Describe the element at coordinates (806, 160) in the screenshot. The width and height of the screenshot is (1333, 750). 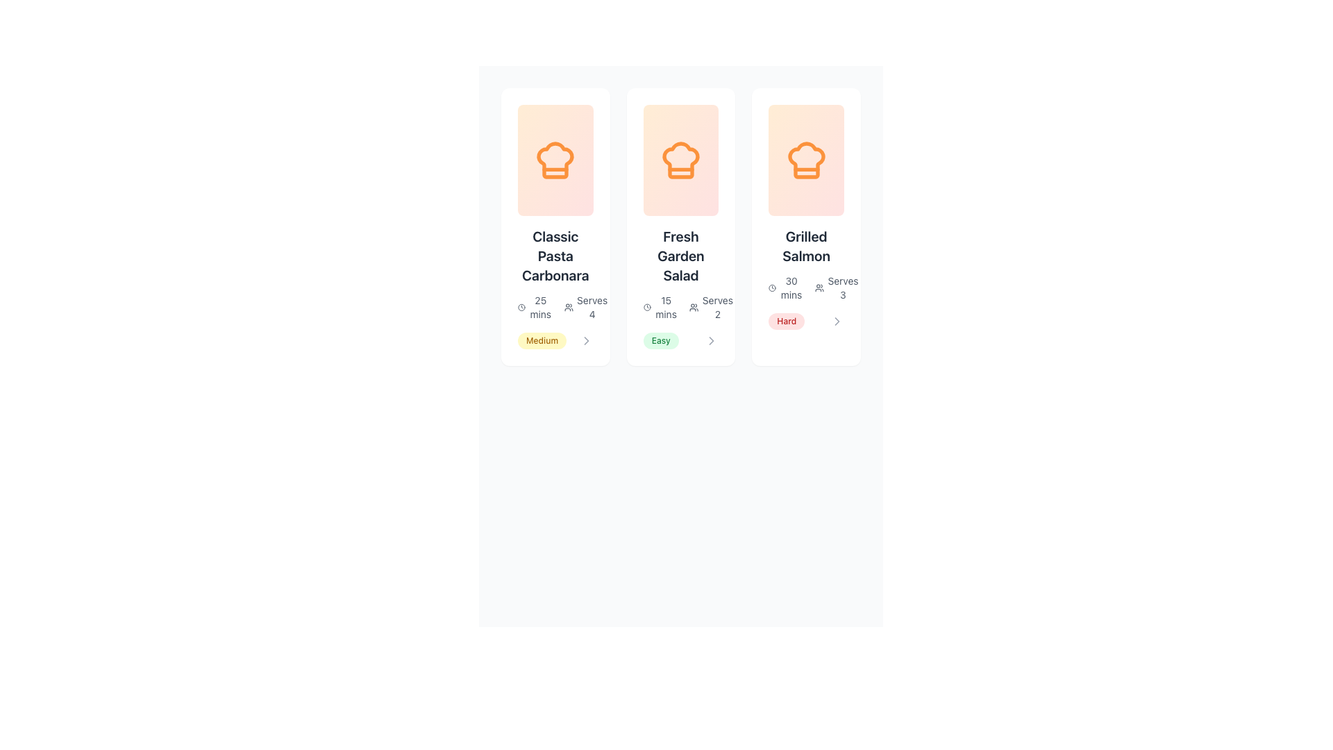
I see `the chef's hat icon located in the top section of the 'Grilled Salmon' recipe card, which symbolizes the culinary nature of the recipe` at that location.